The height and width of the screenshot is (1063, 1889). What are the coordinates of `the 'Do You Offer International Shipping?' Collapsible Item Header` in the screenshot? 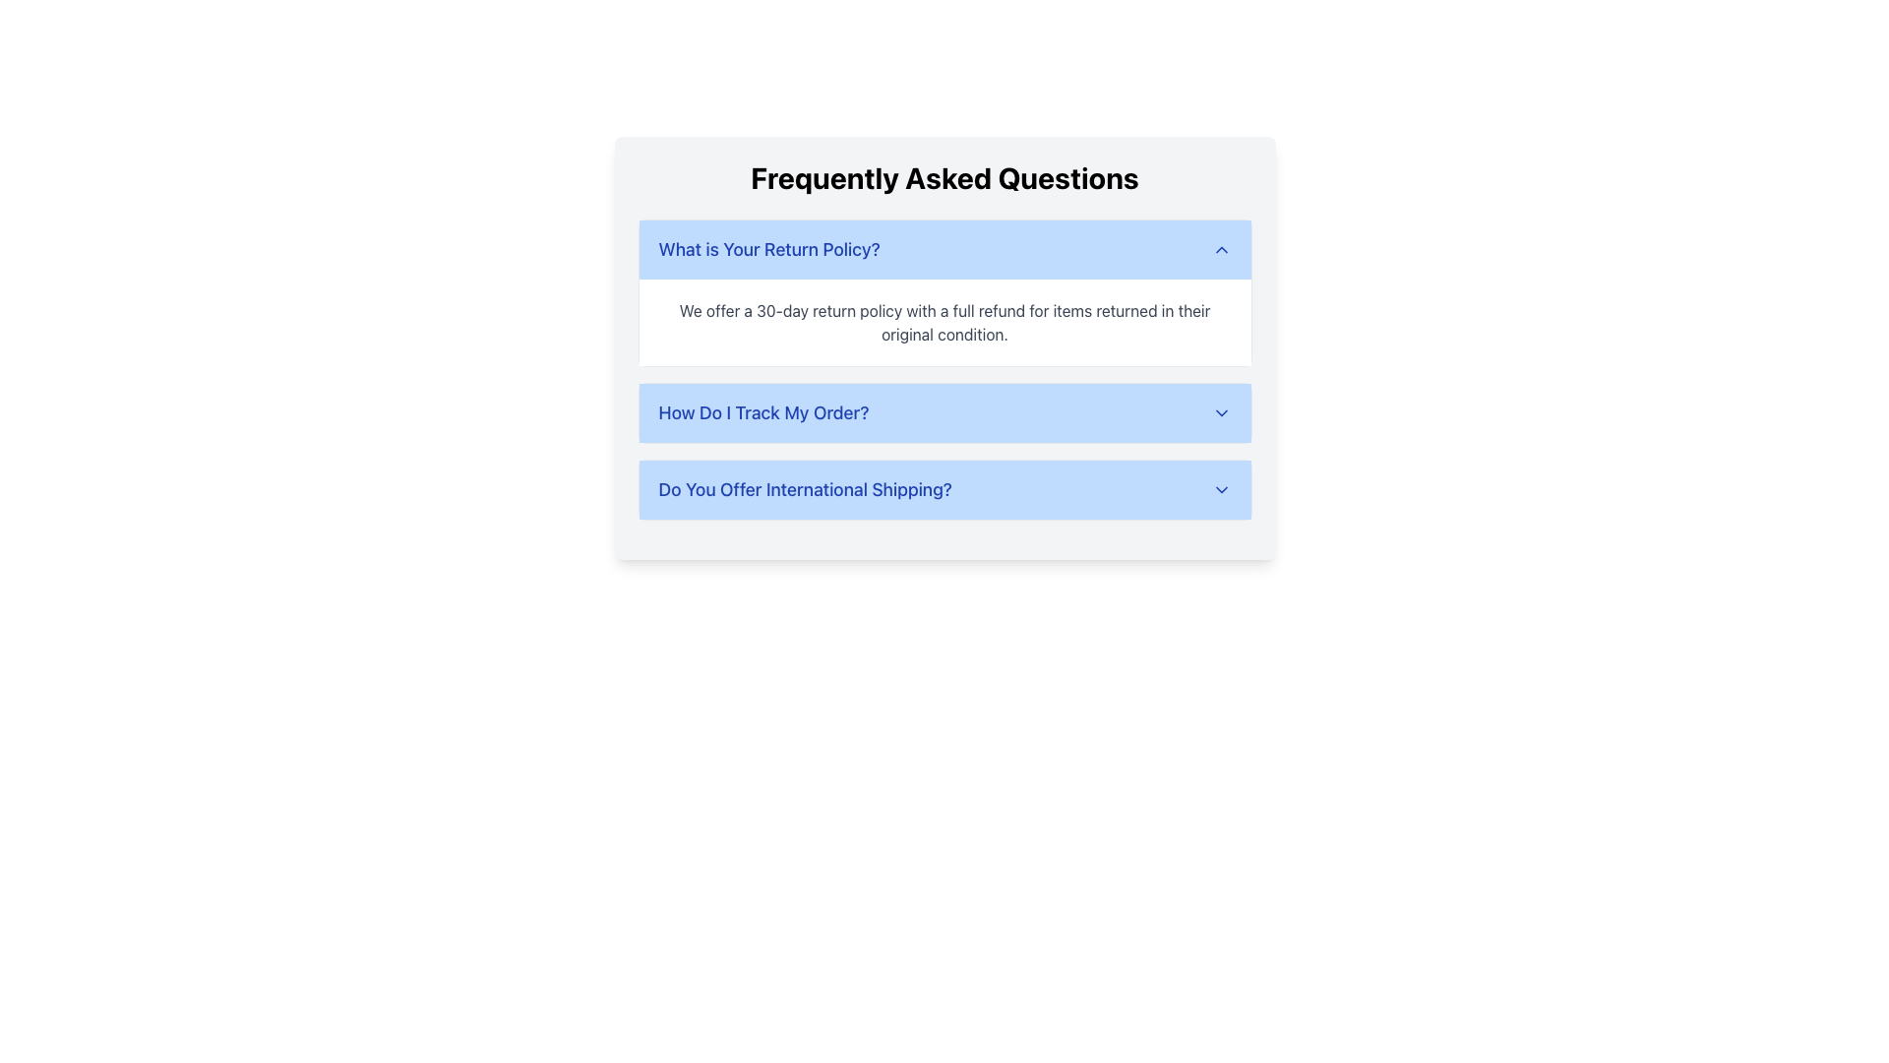 It's located at (944, 488).